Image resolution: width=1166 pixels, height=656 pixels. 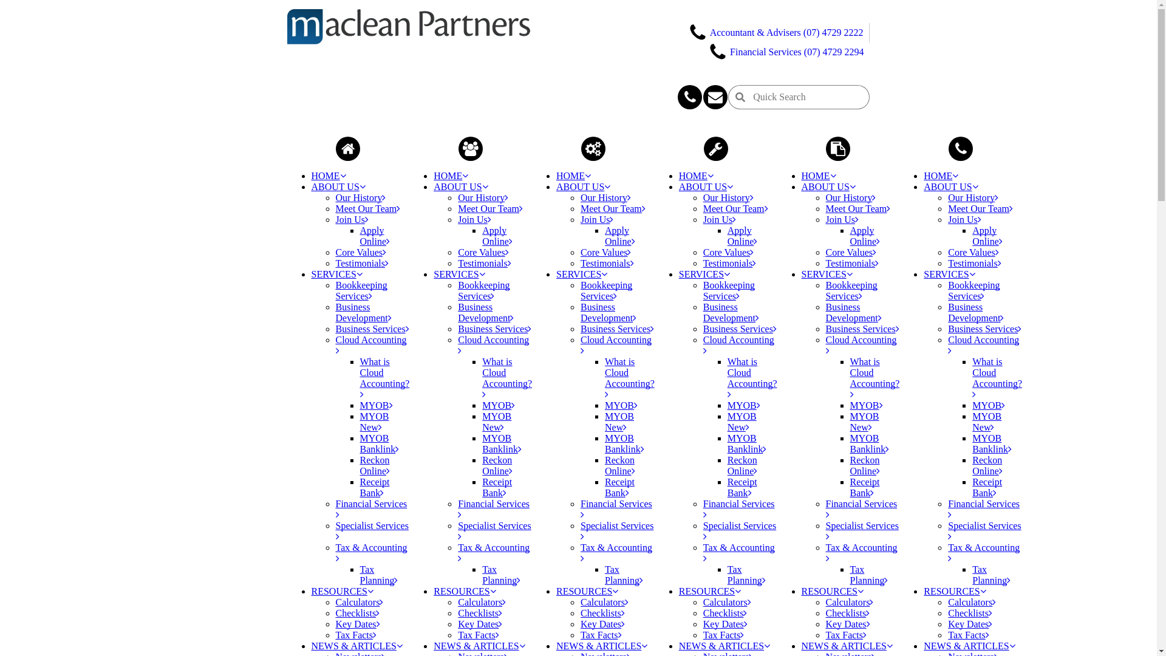 I want to click on 'Apply Online', so click(x=497, y=236).